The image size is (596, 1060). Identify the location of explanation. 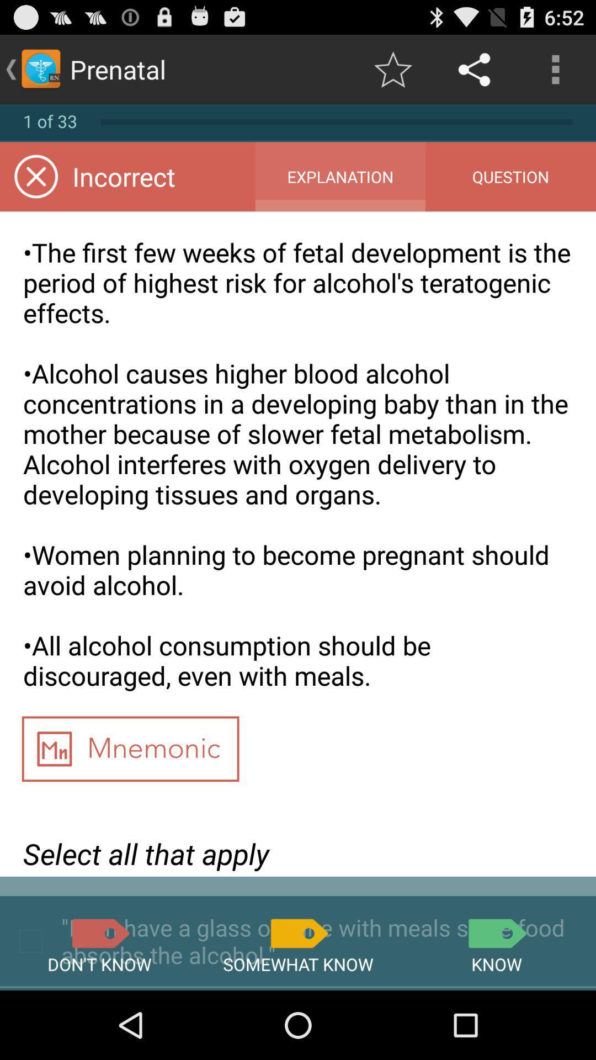
(339, 177).